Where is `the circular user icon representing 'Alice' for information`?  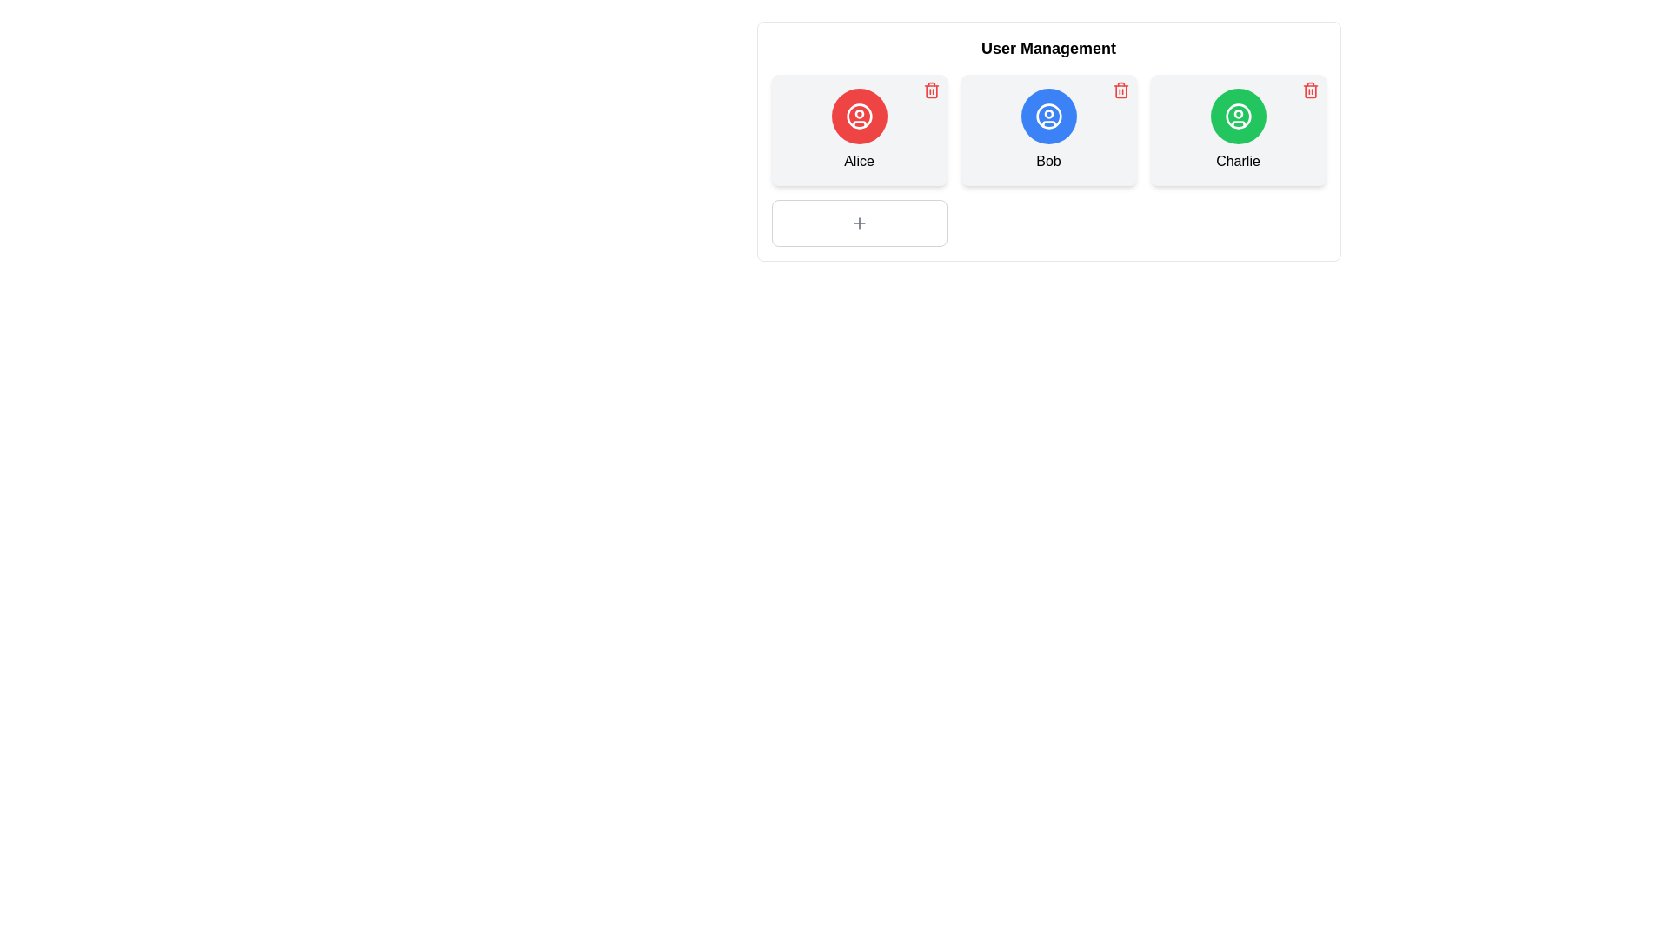
the circular user icon representing 'Alice' for information is located at coordinates (859, 117).